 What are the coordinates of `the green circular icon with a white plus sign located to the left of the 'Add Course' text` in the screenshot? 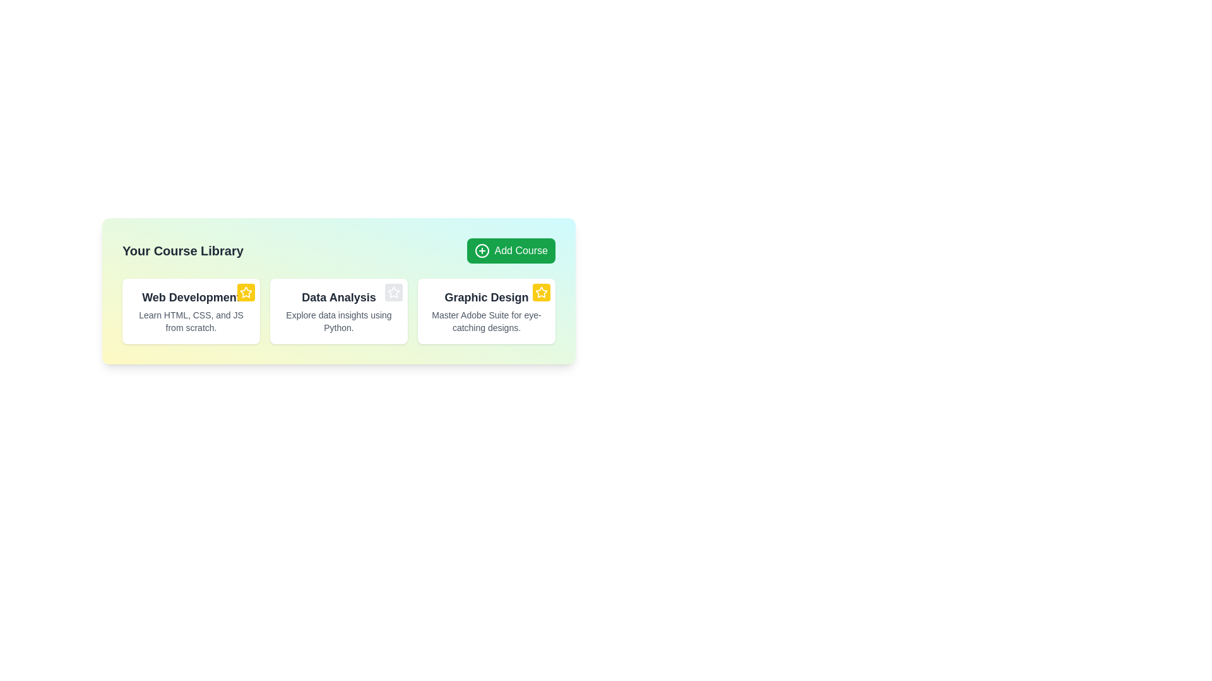 It's located at (481, 250).